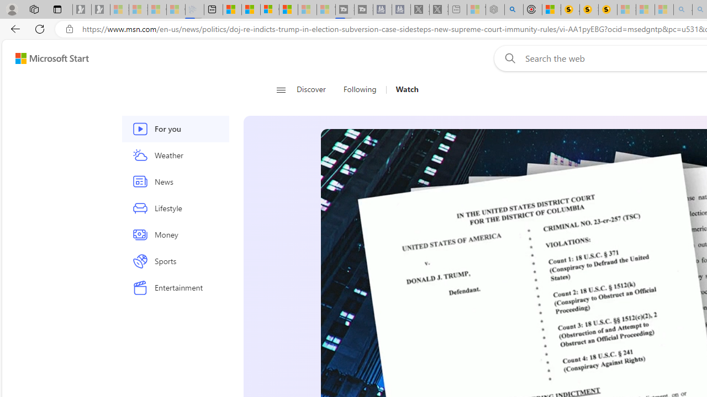 This screenshot has height=397, width=707. What do you see at coordinates (281, 89) in the screenshot?
I see `'Class: button-glyph'` at bounding box center [281, 89].